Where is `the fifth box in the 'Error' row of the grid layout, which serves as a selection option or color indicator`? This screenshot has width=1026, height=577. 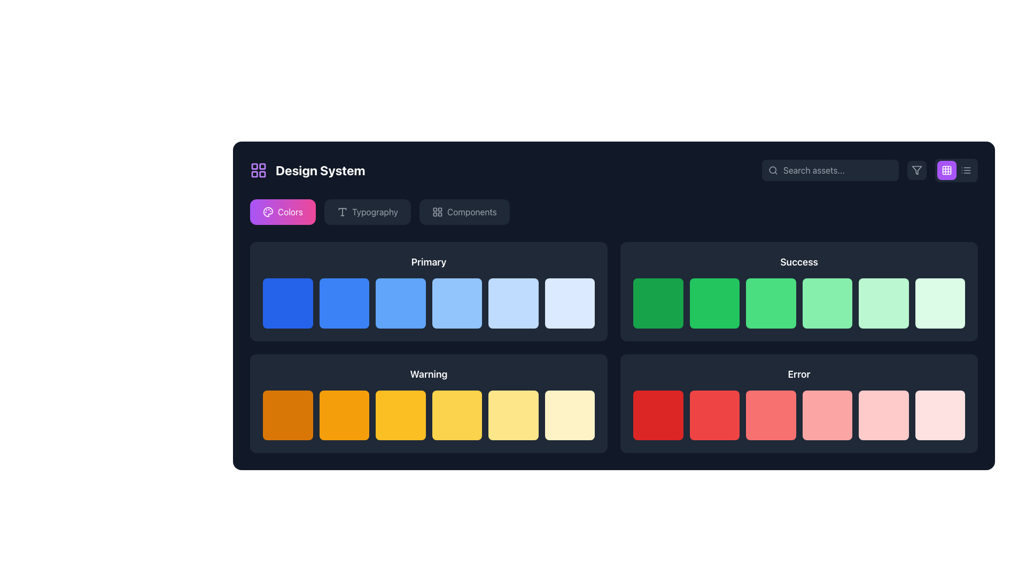 the fifth box in the 'Error' row of the grid layout, which serves as a selection option or color indicator is located at coordinates (883, 415).